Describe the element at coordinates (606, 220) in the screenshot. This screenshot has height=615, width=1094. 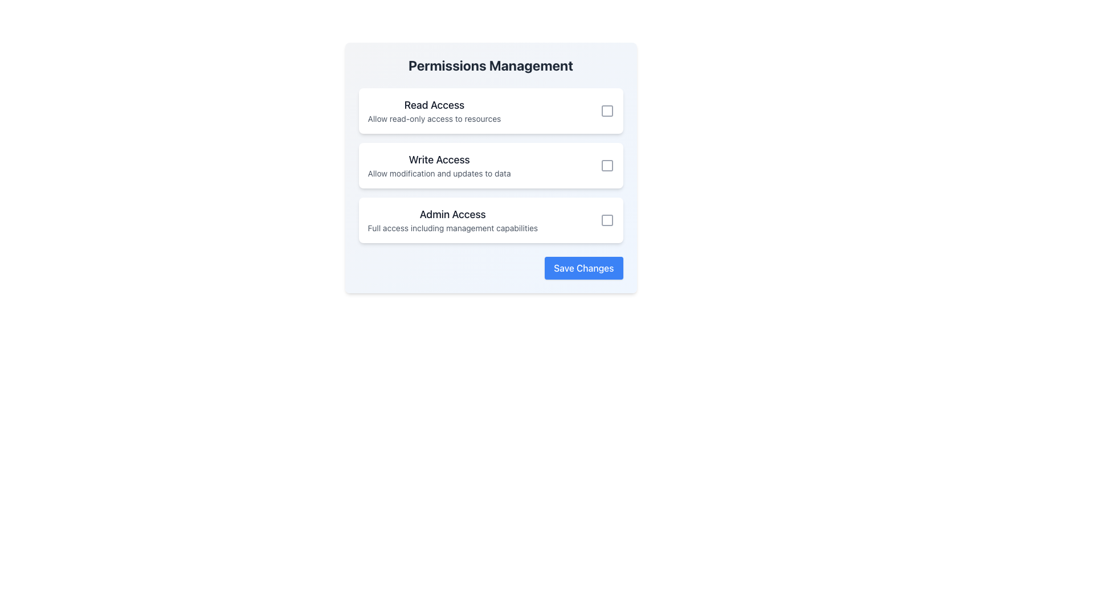
I see `the interactive toggle icon (hollow square) located to the far right of the 'Admin Access' item in the list of access options` at that location.